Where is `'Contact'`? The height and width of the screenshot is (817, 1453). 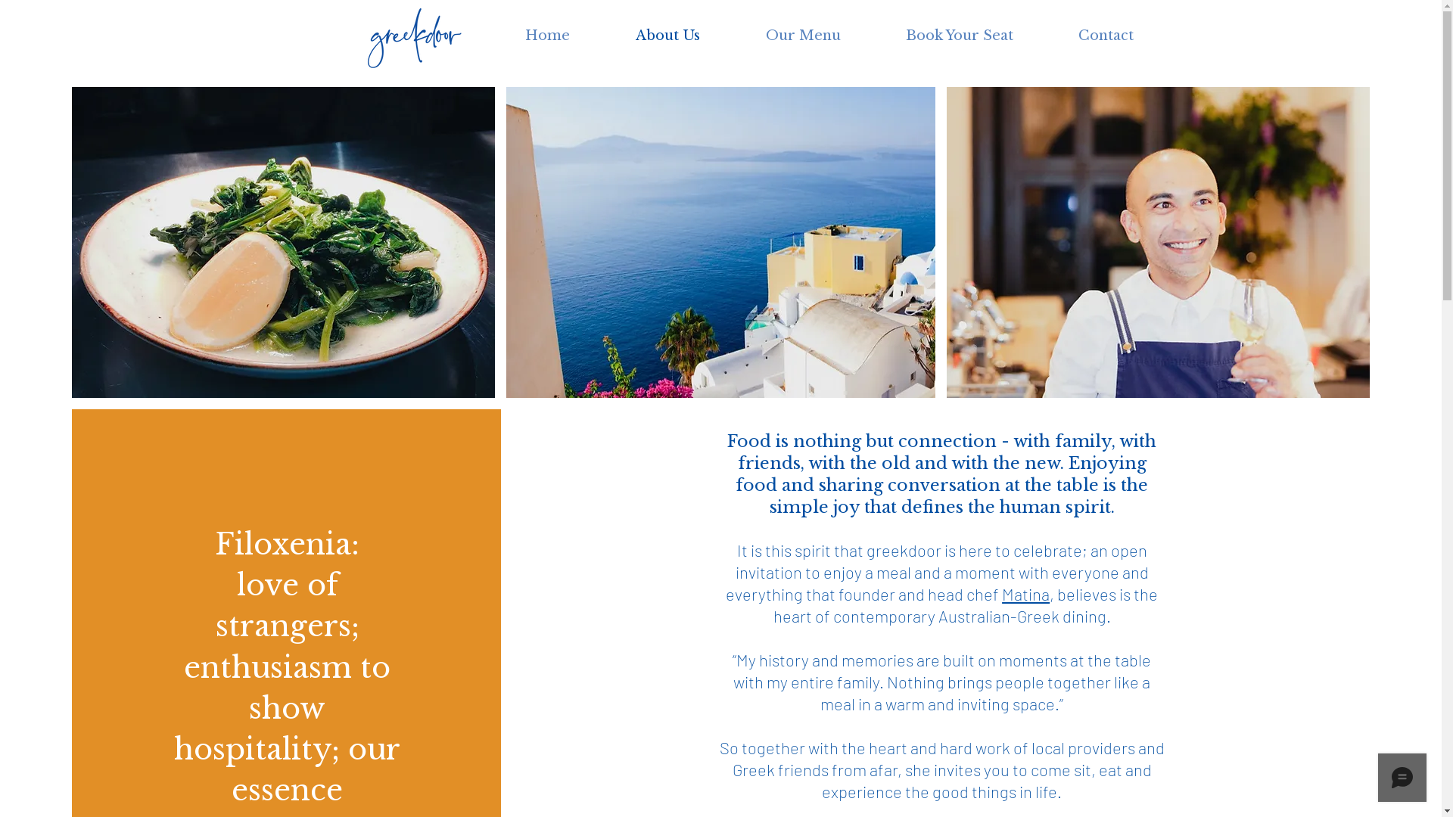
'Contact' is located at coordinates (1045, 35).